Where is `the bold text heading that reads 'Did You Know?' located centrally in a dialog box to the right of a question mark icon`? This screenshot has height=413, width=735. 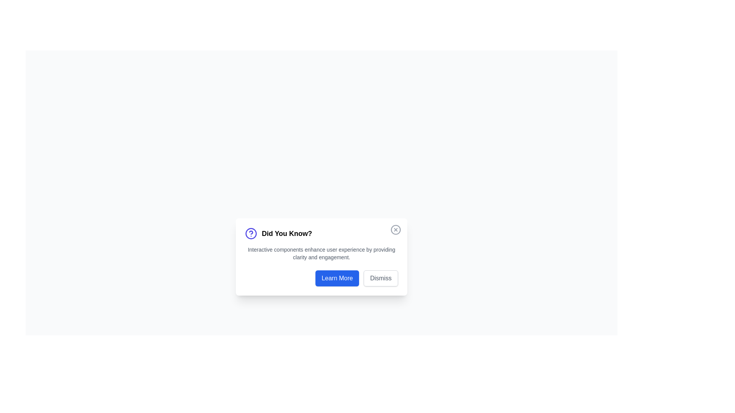 the bold text heading that reads 'Did You Know?' located centrally in a dialog box to the right of a question mark icon is located at coordinates (286, 233).